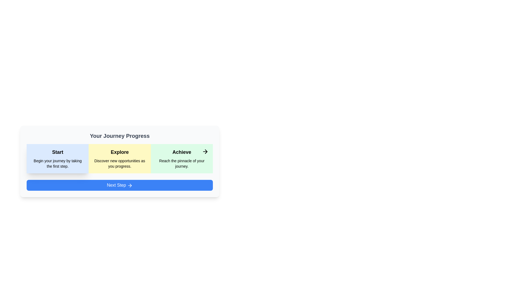 The height and width of the screenshot is (293, 522). I want to click on the text label element that reads 'Reach the pinnacle of your journey,' which is positioned below the header 'Achieve' in the third section of a three-section layout, so click(182, 163).